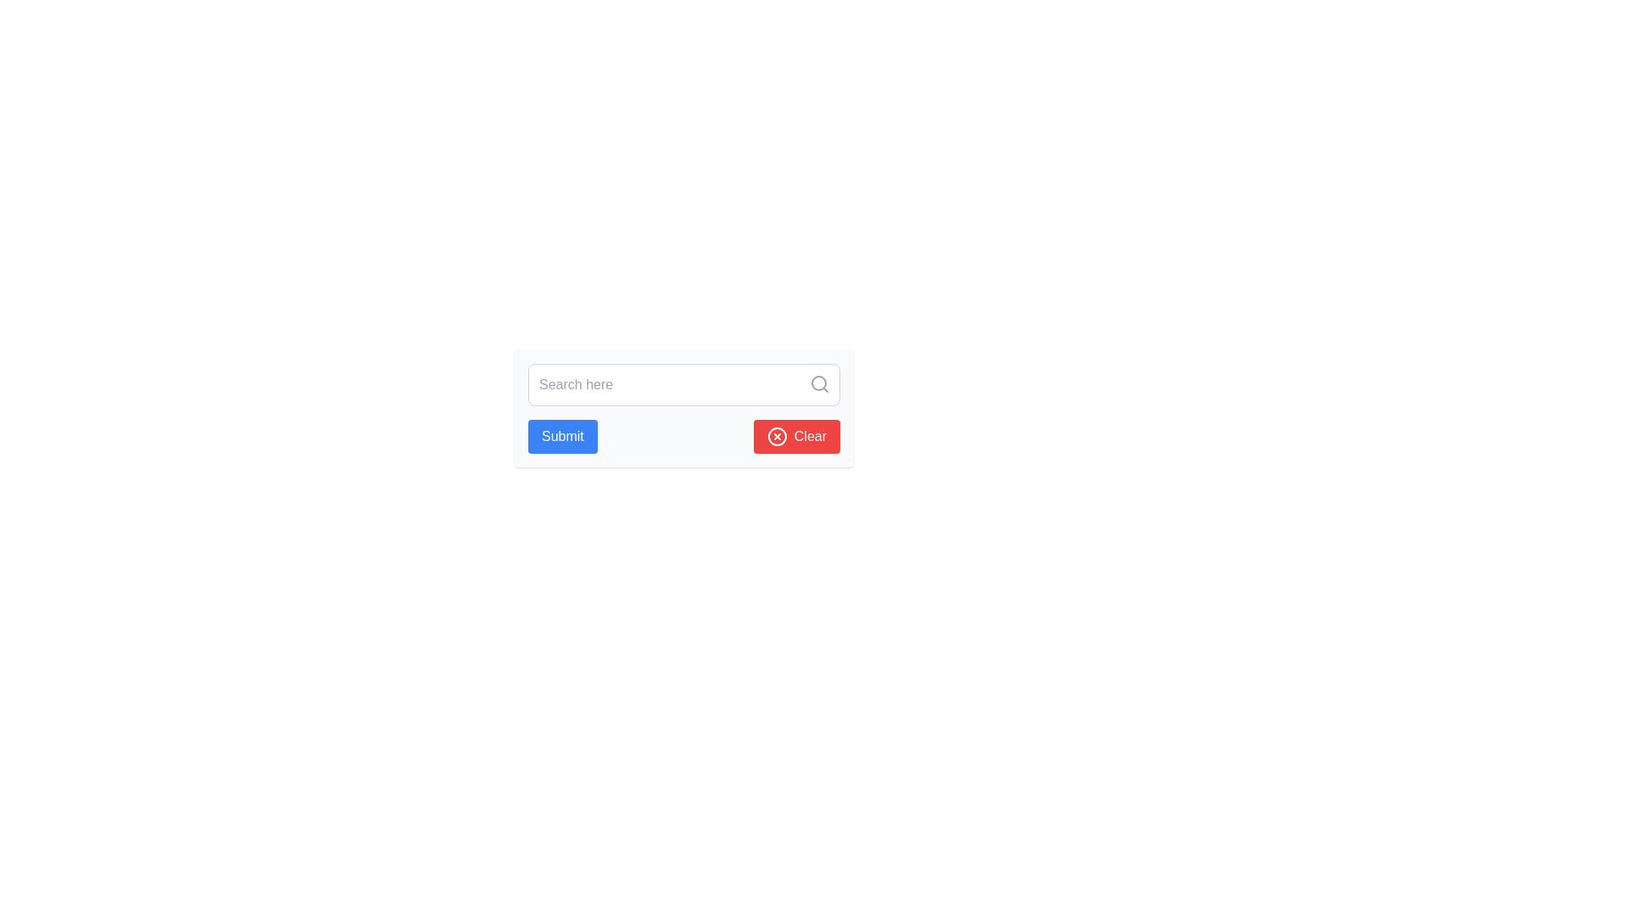 The height and width of the screenshot is (916, 1628). I want to click on the 'Clear' icon located inside the button labeled 'Clear' at the bottom-right corner of the form interface, so click(776, 436).